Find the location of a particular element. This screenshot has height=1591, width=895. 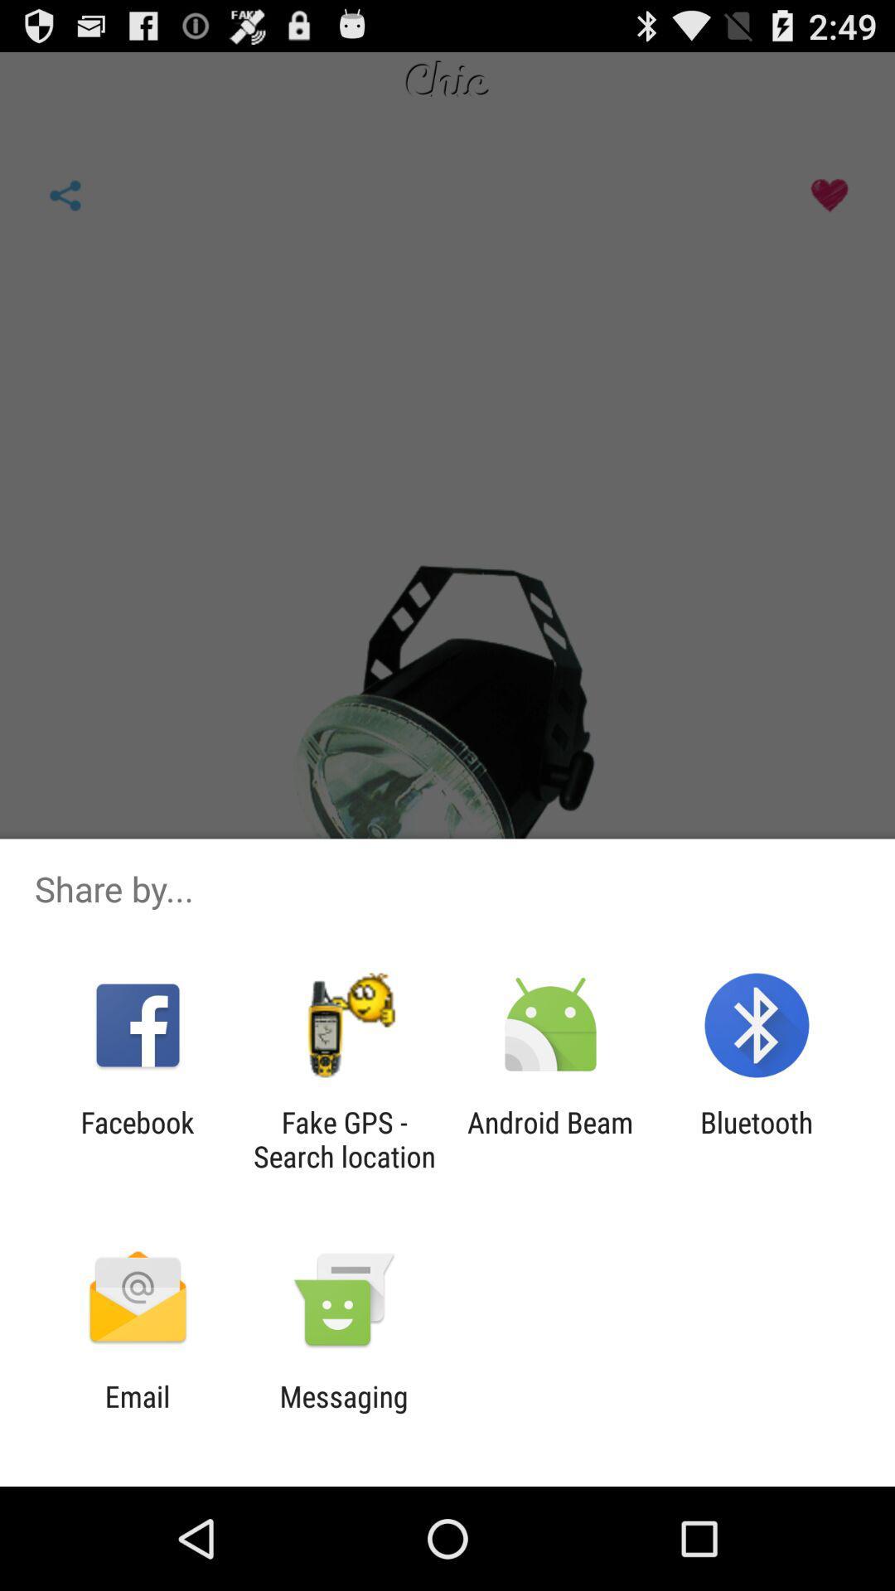

the fake gps search icon is located at coordinates (343, 1139).